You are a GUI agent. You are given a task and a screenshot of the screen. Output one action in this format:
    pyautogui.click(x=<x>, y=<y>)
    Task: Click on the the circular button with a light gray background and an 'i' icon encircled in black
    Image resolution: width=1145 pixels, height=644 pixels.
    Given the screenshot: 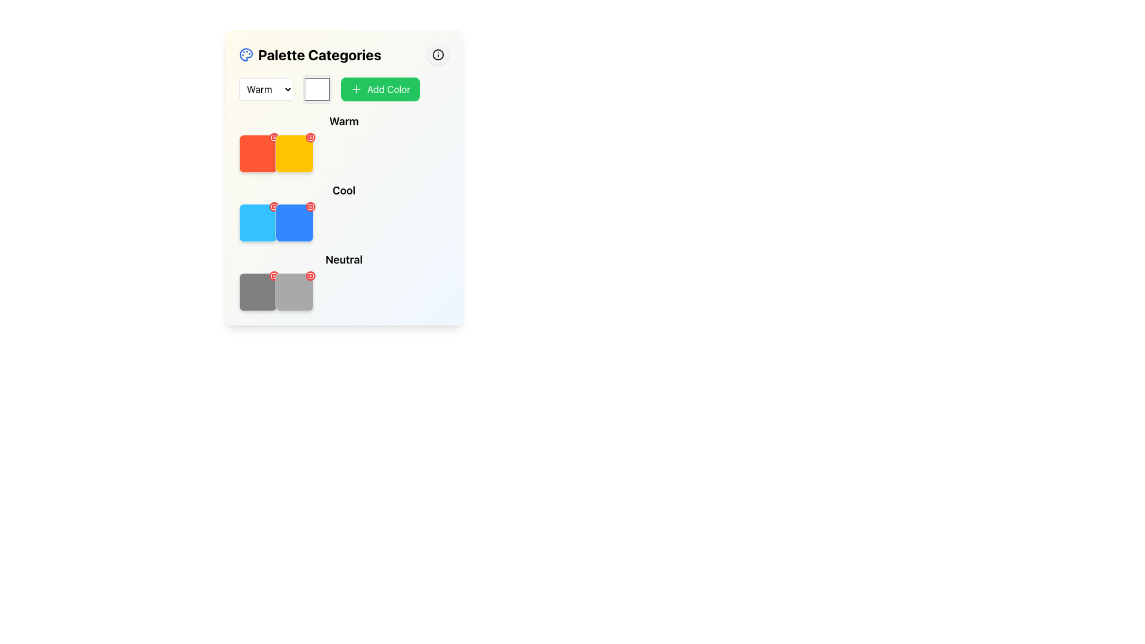 What is the action you would take?
    pyautogui.click(x=437, y=55)
    